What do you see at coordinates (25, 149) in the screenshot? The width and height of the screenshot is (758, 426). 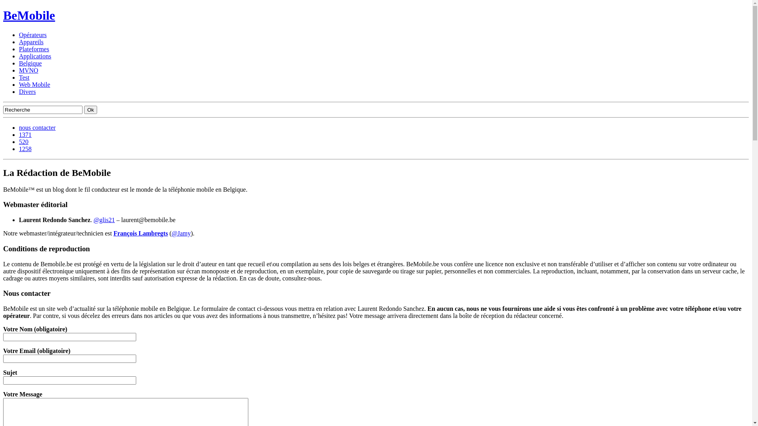 I see `'1258'` at bounding box center [25, 149].